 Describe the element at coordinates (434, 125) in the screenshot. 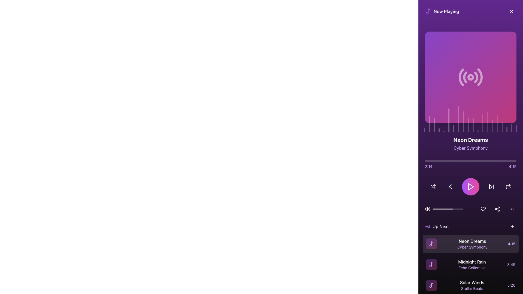

I see `the third vertical bar of the audio visualization graph, which is styled in translucent white with rounded top edges, located below and aligned with the album art` at that location.